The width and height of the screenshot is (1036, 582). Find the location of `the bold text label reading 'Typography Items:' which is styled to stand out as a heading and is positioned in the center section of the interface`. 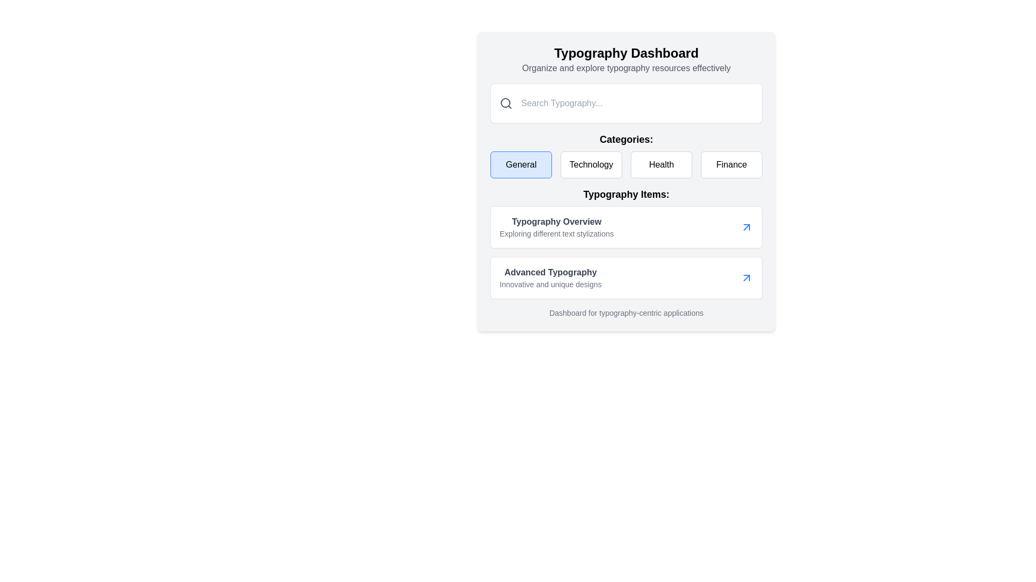

the bold text label reading 'Typography Items:' which is styled to stand out as a heading and is positioned in the center section of the interface is located at coordinates (626, 195).